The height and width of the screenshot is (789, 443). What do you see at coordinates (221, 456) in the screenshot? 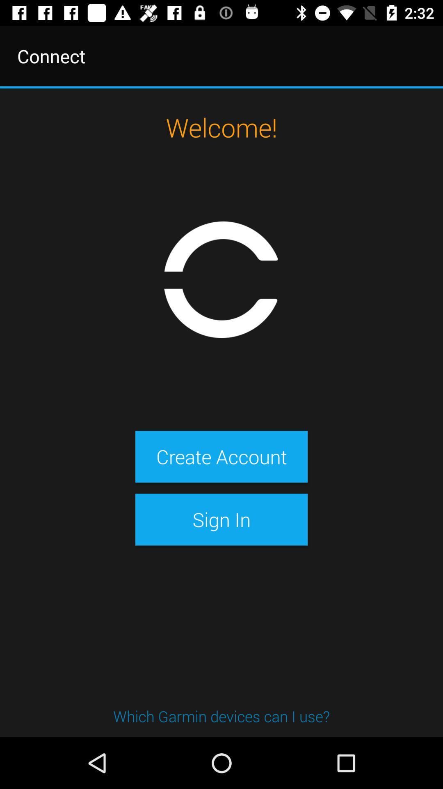
I see `create account` at bounding box center [221, 456].